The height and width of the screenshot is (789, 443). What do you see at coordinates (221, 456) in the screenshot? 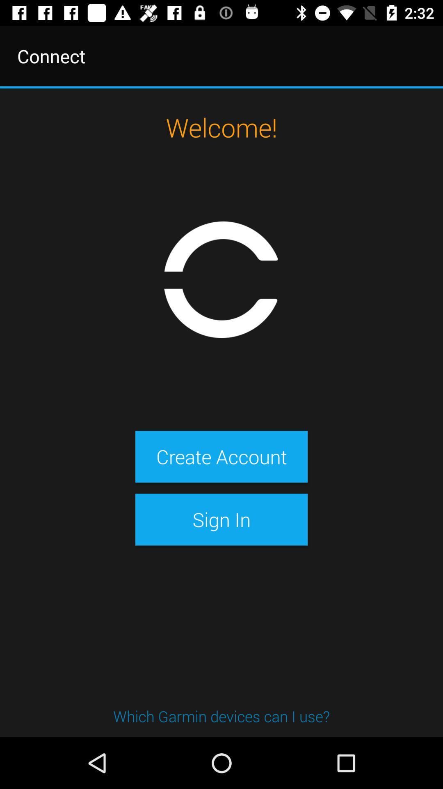
I see `create account` at bounding box center [221, 456].